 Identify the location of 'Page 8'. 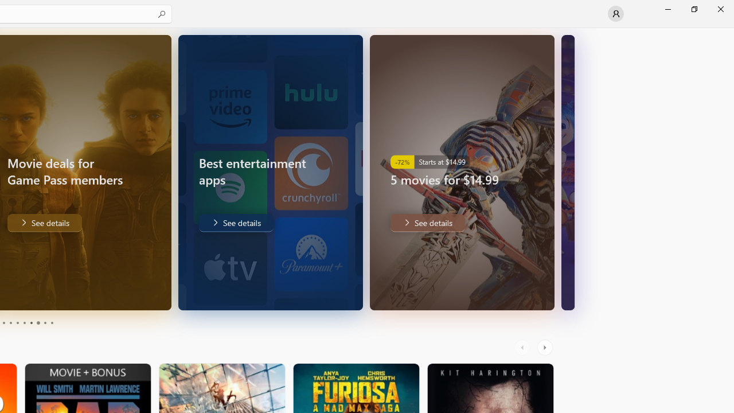
(37, 323).